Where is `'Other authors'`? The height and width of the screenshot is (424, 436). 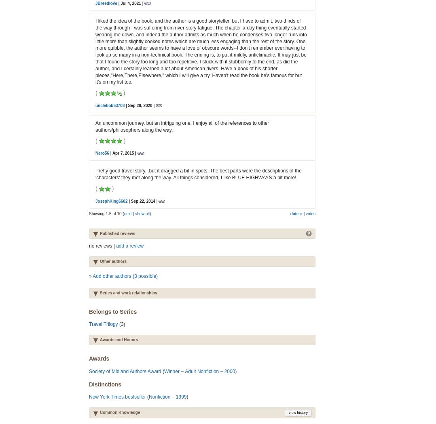 'Other authors' is located at coordinates (99, 261).